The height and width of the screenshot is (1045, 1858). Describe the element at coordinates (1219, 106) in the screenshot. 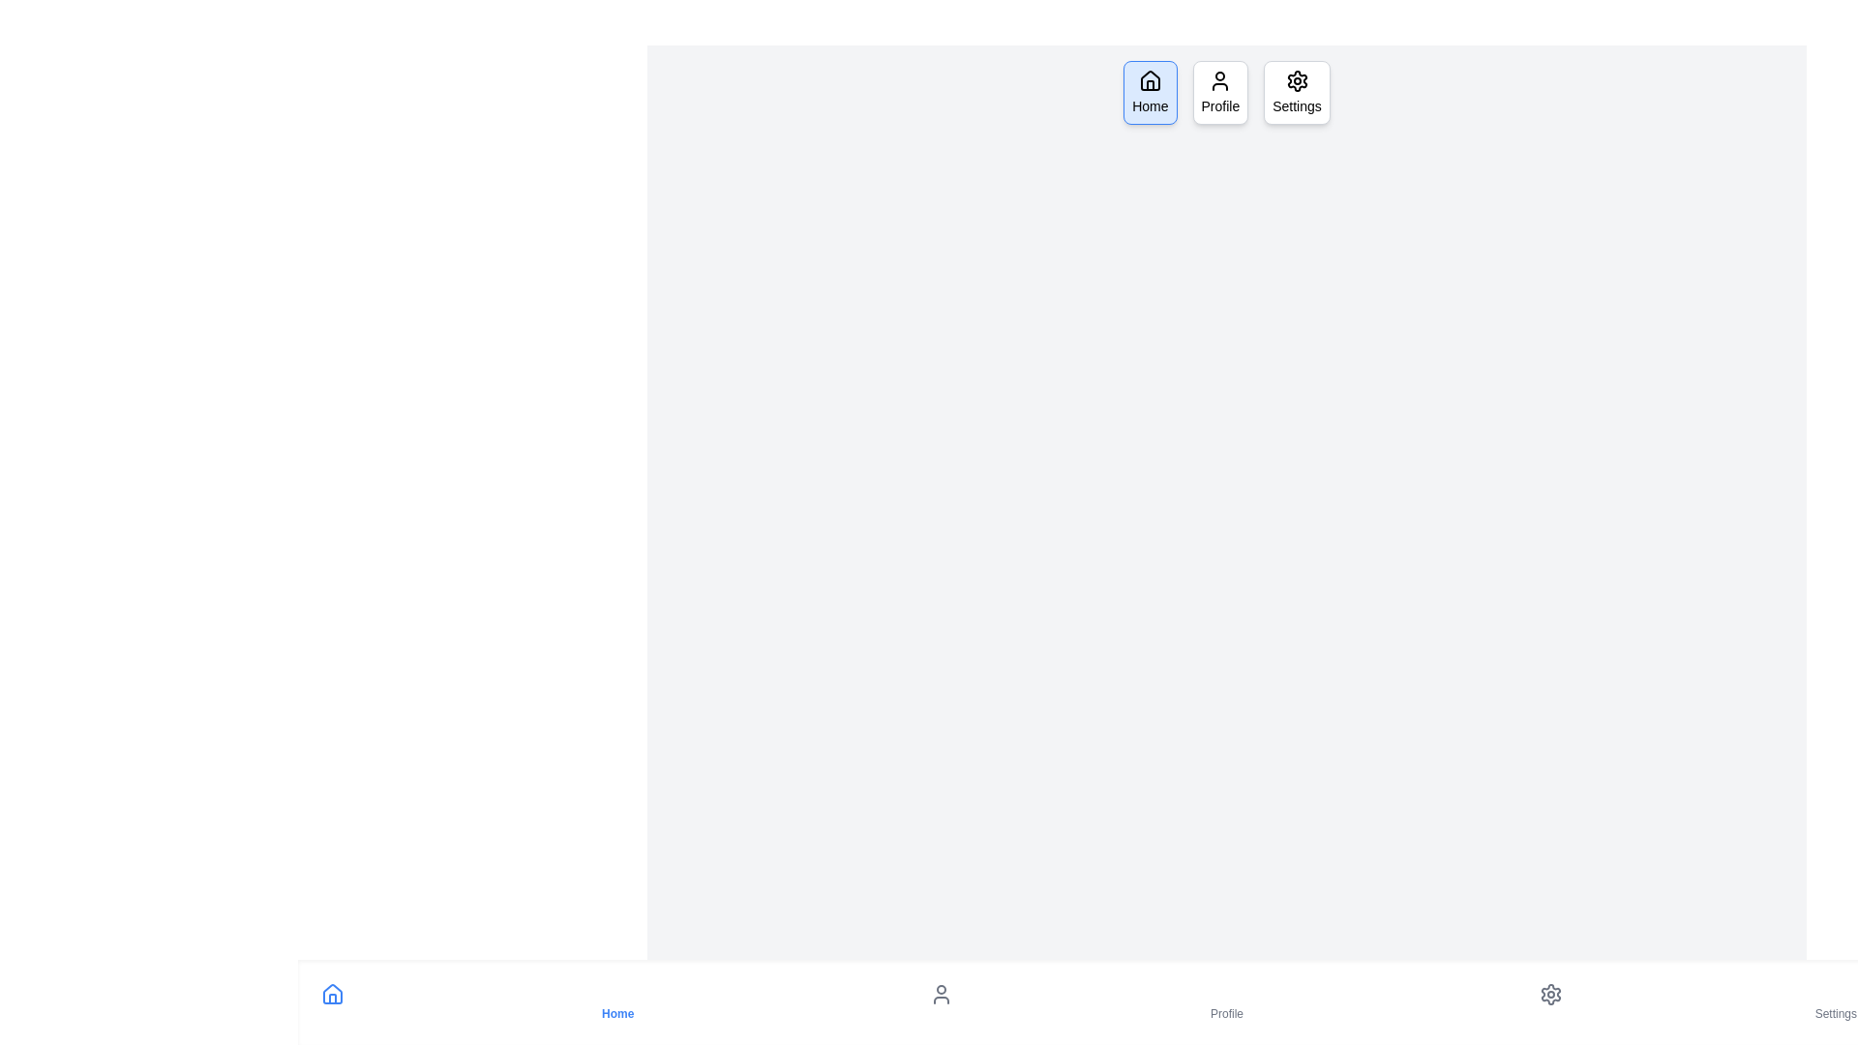

I see `the Text label that indicates the functionality of accessing the user's profile, located under the 'Profile' label in the middle section of the top navigation bar` at that location.